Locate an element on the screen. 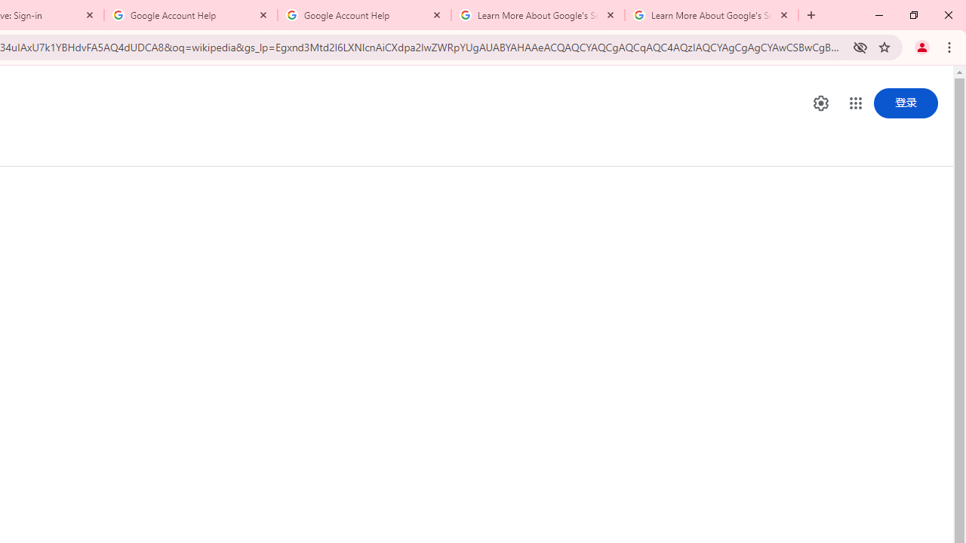 The image size is (966, 543). 'You' is located at coordinates (921, 46).